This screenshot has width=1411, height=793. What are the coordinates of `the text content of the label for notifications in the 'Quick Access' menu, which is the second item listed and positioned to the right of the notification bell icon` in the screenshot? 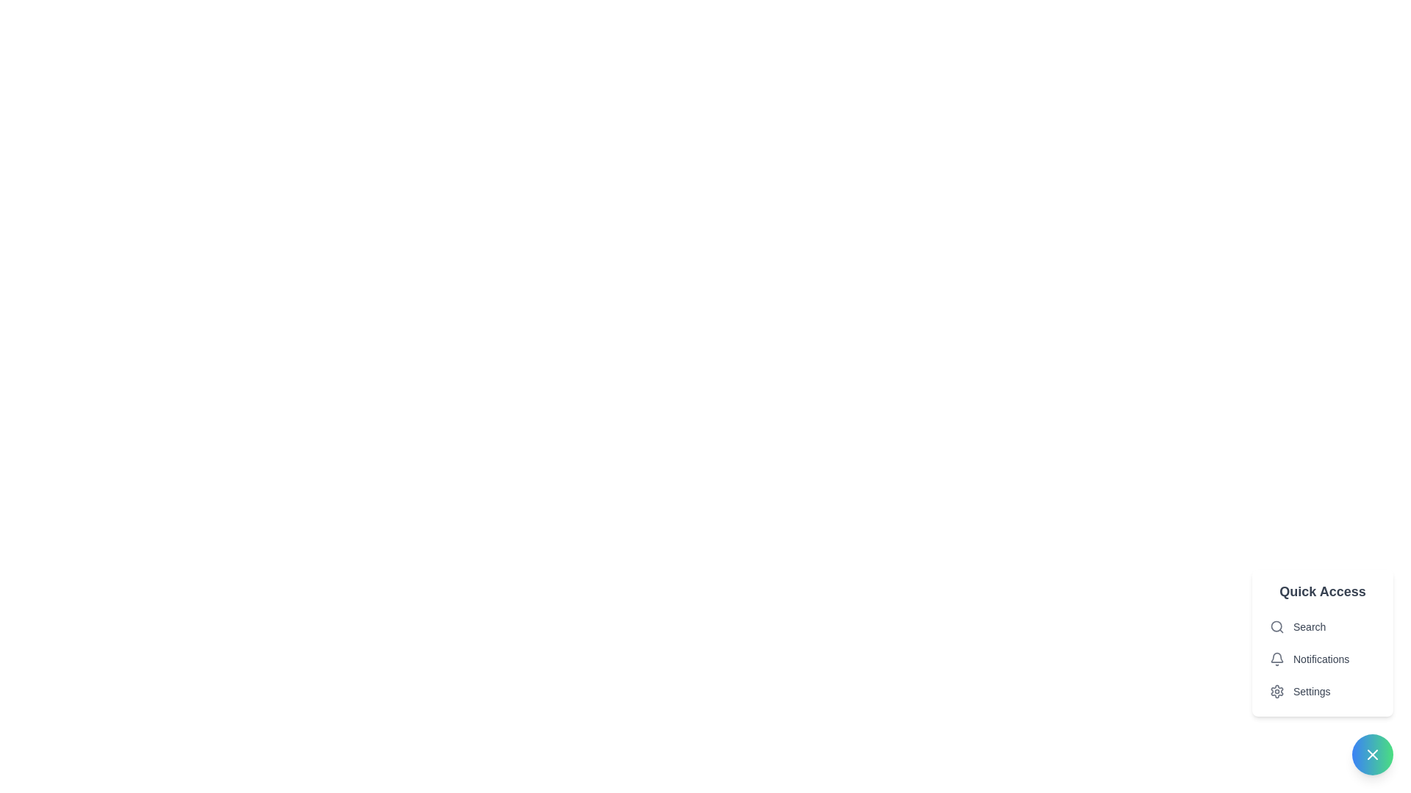 It's located at (1321, 659).